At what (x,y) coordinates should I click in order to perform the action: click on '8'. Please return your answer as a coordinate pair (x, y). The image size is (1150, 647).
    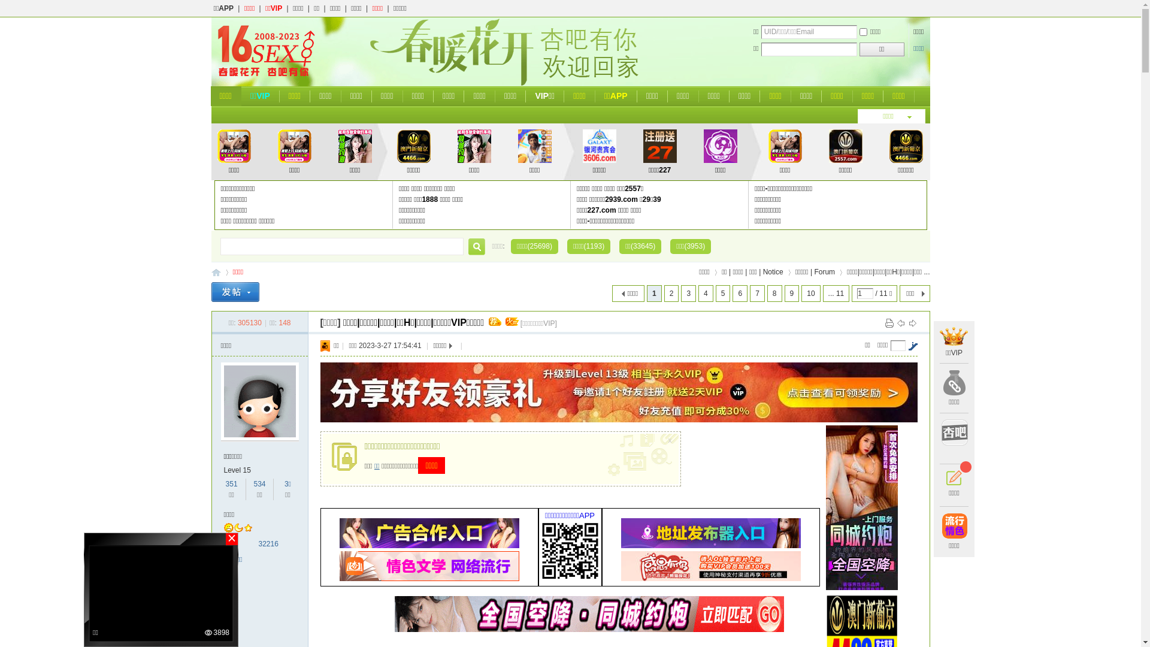
    Looking at the image, I should click on (767, 293).